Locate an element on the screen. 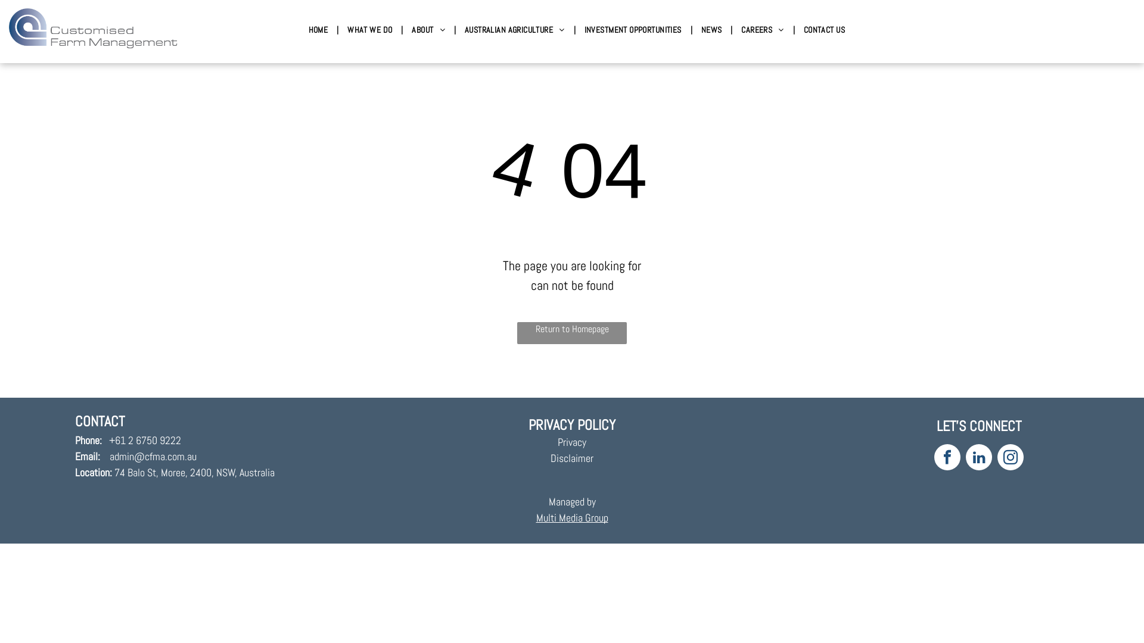 Image resolution: width=1144 pixels, height=643 pixels. 'HOME' is located at coordinates (318, 30).